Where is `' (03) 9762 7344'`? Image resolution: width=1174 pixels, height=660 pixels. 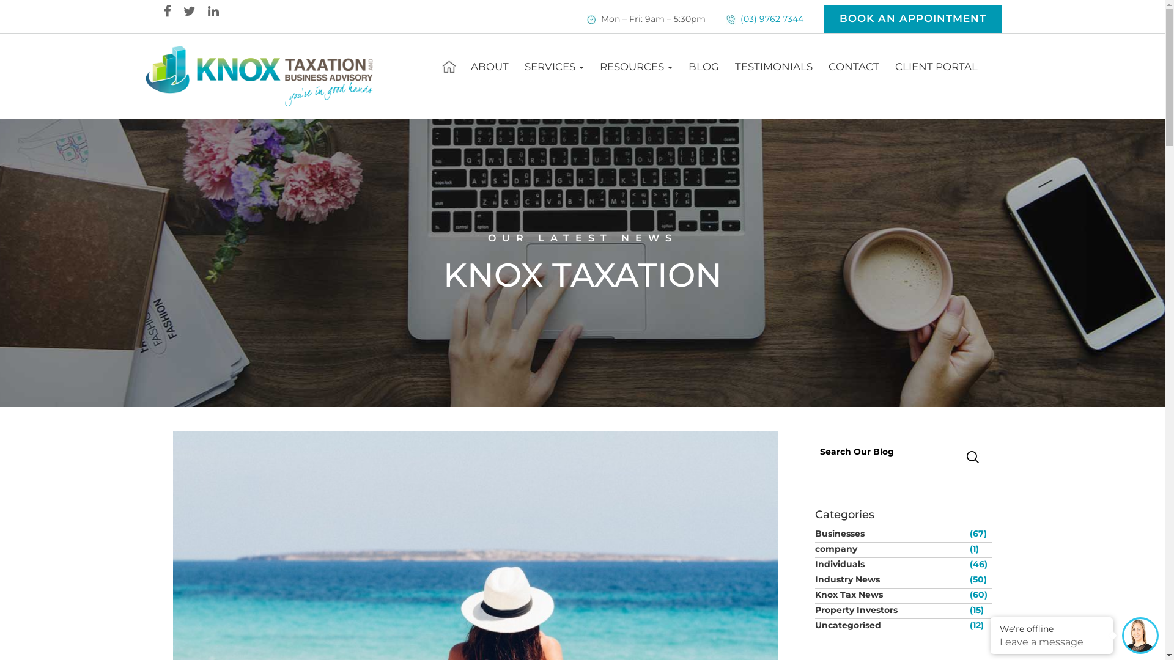 ' (03) 9762 7344' is located at coordinates (769, 18).